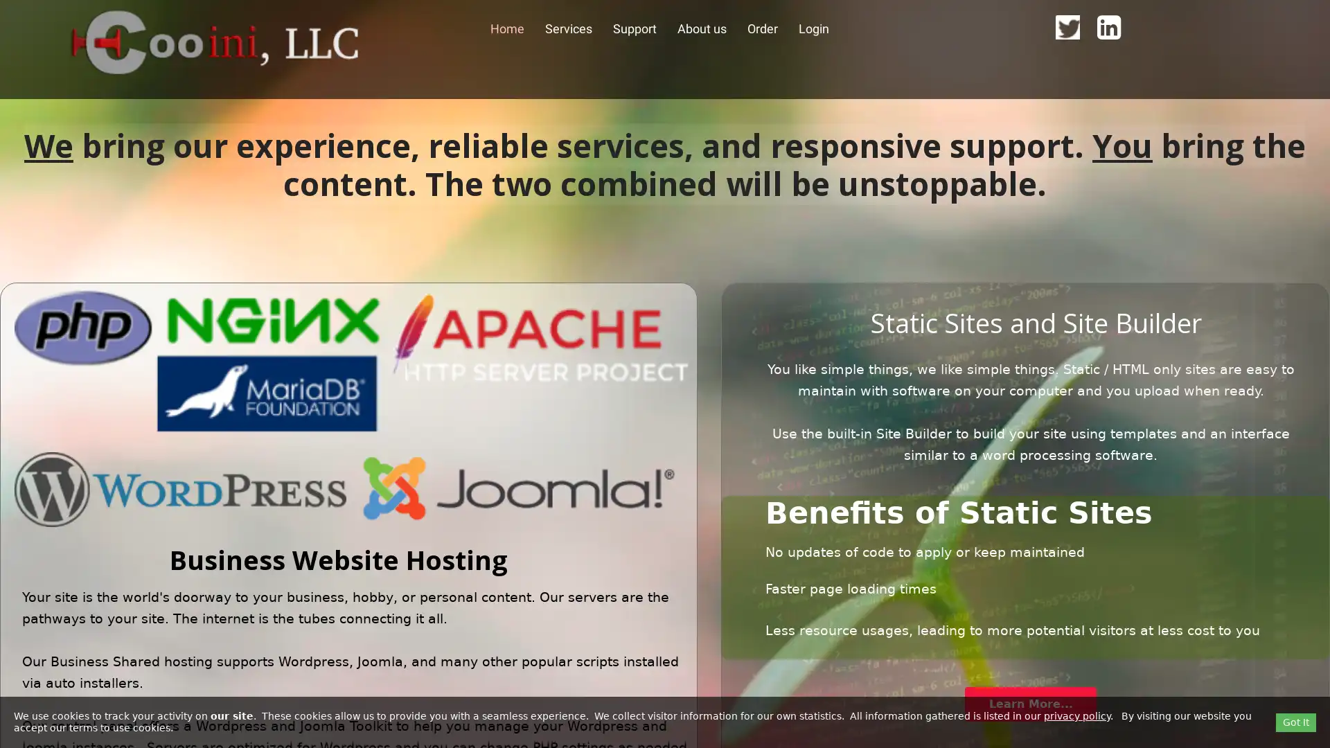  Describe the element at coordinates (1295, 721) in the screenshot. I see `Got It` at that location.